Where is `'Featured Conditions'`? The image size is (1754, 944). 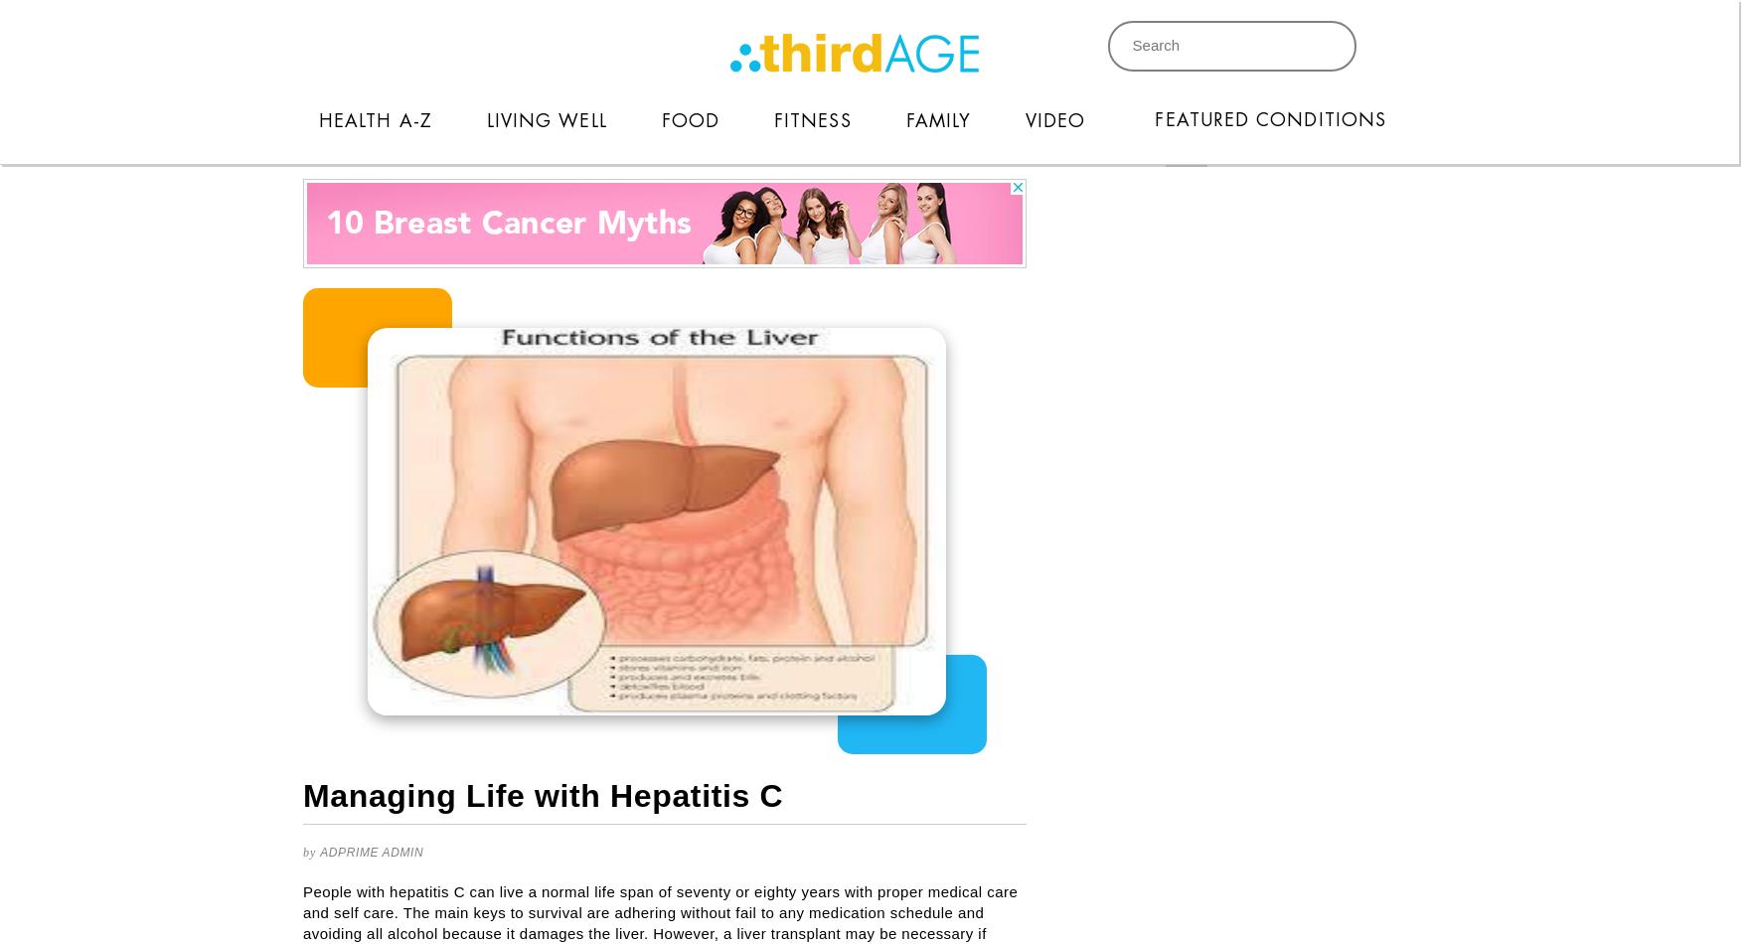 'Featured Conditions' is located at coordinates (1270, 118).